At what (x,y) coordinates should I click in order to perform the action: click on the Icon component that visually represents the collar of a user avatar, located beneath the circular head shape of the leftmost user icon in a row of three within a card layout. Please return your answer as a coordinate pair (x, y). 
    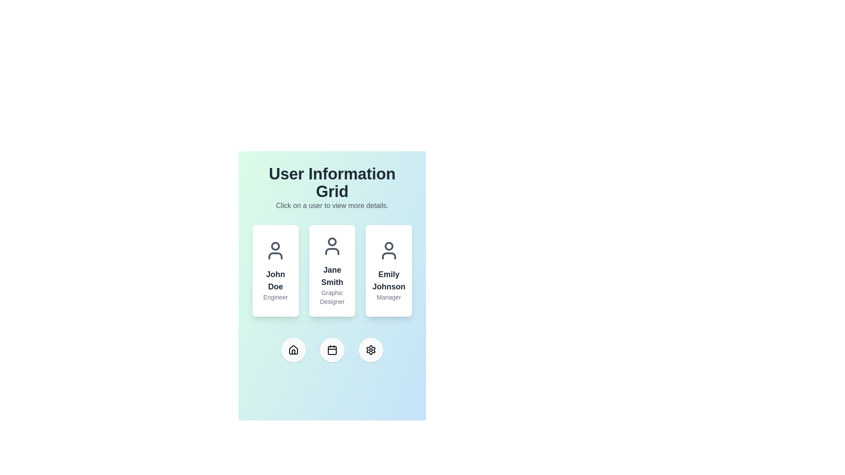
    Looking at the image, I should click on (275, 256).